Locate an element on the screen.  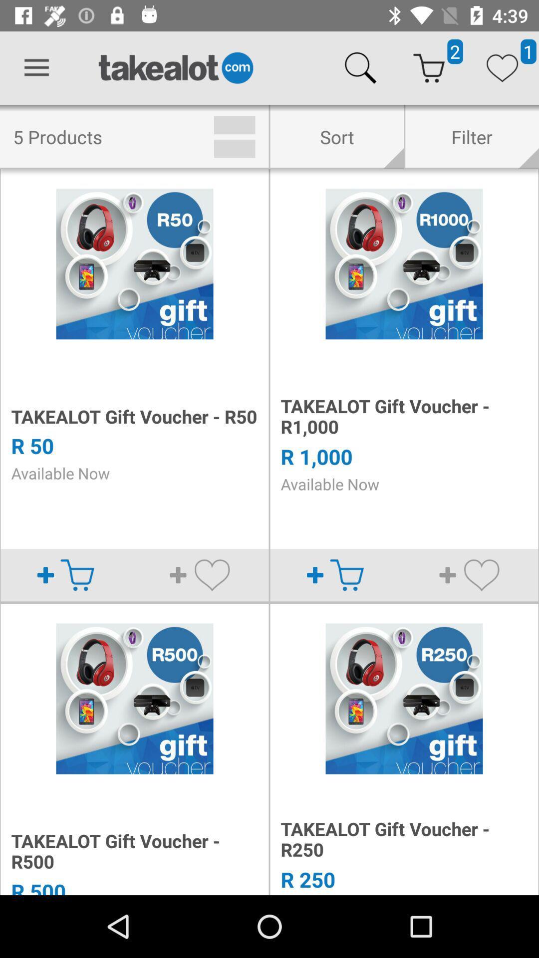
the search bar icon is located at coordinates (360, 68).